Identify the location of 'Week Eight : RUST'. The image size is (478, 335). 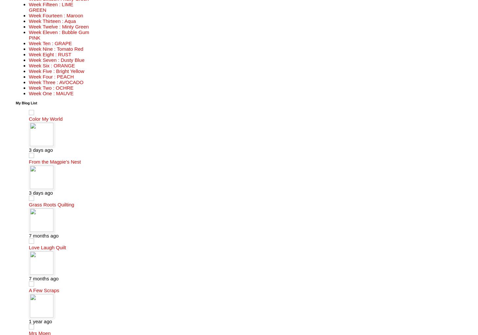
(50, 54).